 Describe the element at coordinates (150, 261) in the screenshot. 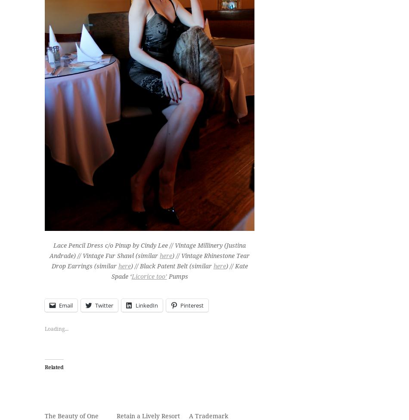

I see `') // Vintage Rhinestone Tear Drop Earrings (similar'` at that location.